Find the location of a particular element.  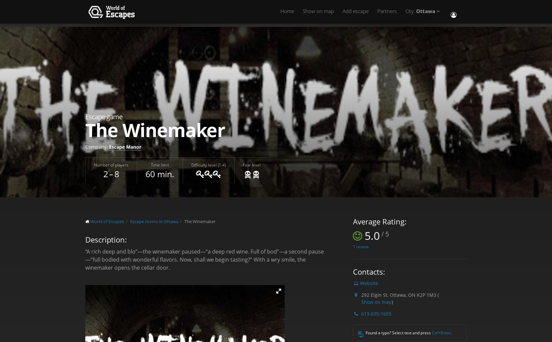

'2 – 8' is located at coordinates (111, 173).